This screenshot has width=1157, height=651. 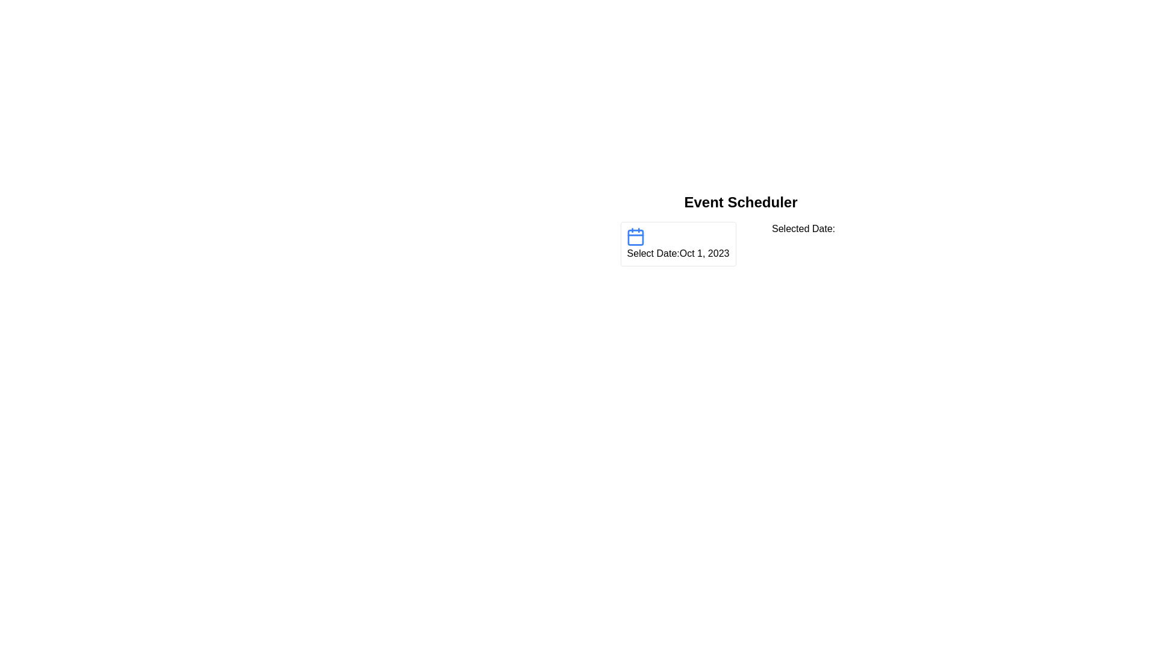 I want to click on the selected date value displayed in the date selector UI component, positioned to the right of the text 'Select Date:', for possible interactions, so click(x=704, y=253).